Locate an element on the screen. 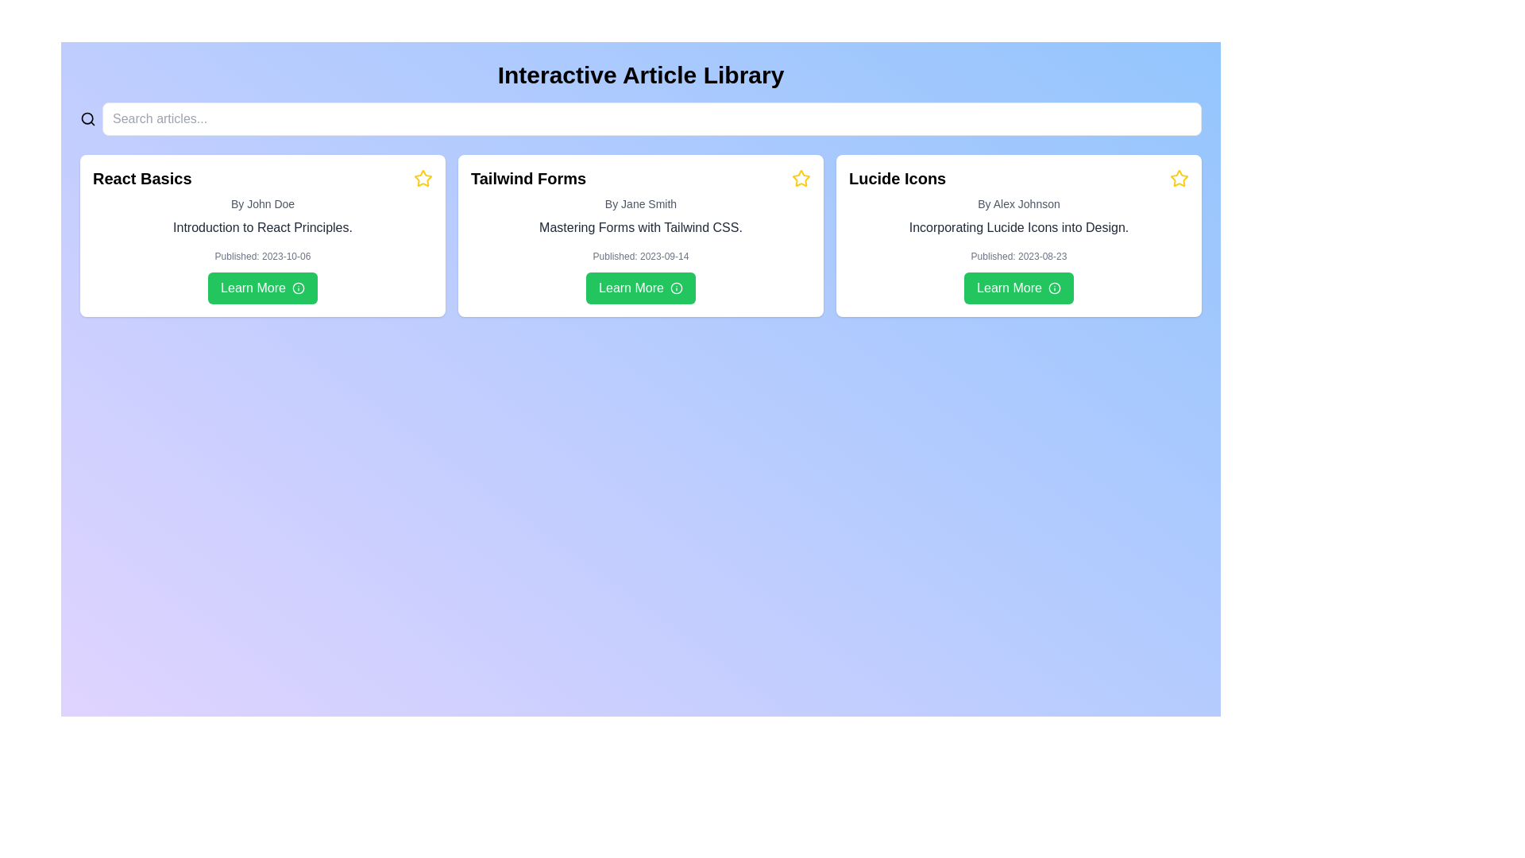 This screenshot has height=858, width=1525. the title text label located at the top section of the rightmost article card, which is the first element among its siblings and positioned to the left of a yellow star icon is located at coordinates (898, 178).